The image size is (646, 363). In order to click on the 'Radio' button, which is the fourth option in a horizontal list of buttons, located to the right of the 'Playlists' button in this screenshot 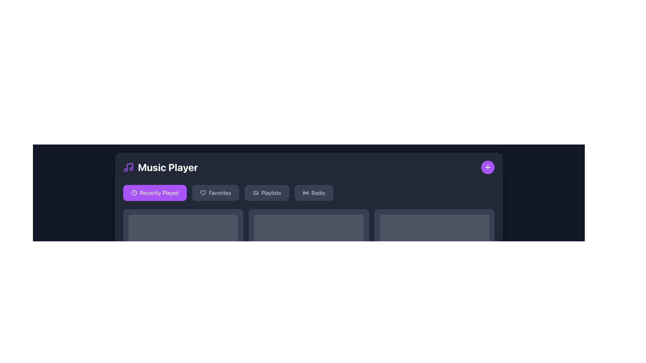, I will do `click(313, 193)`.